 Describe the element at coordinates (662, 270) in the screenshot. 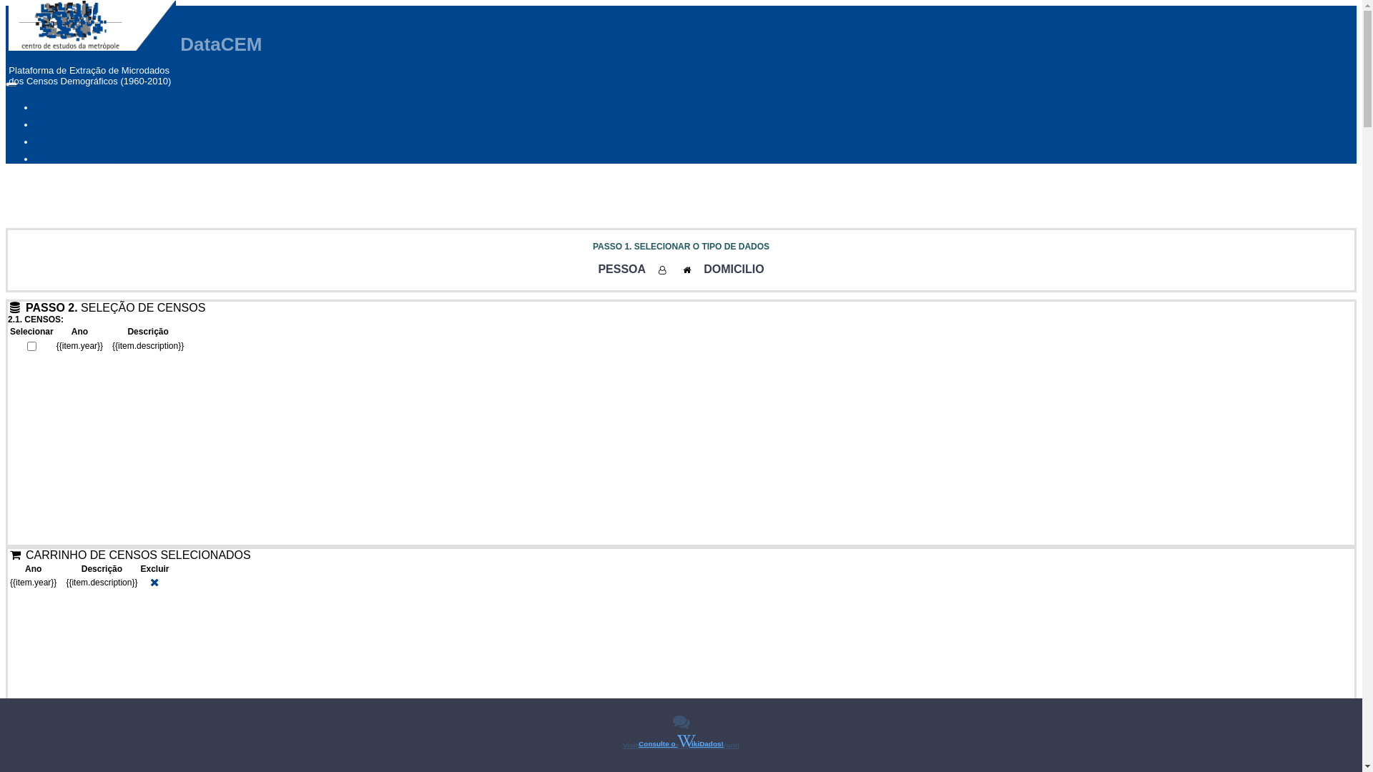

I see `'Pessoa'` at that location.